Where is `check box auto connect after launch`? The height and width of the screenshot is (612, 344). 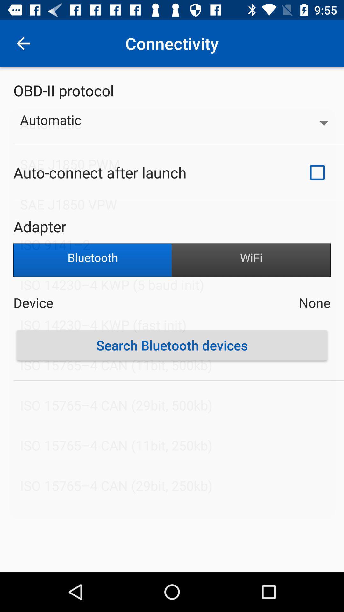 check box auto connect after launch is located at coordinates (317, 172).